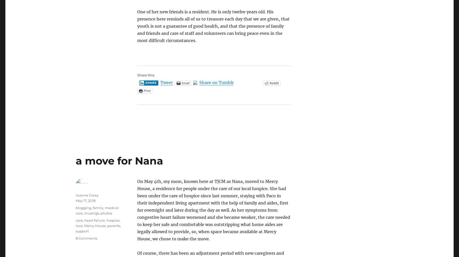 Image resolution: width=459 pixels, height=257 pixels. What do you see at coordinates (213, 210) in the screenshot?
I see `'On May 4th, my mom, known here at TJCM as Nana, moved to Mercy House, a residence for people under the care of our local hospice. She had been under the care of hospice since last summer, staying with Paco in their independent living apartment with the help of family and aides, first for overnight and later during the day as well. As her symptoms from congestive heart failure worsened and she became weaker, the care needed to keep her safe and comfortable was outstripping what home aides are legally allowed to provide, so, when space became available at Mercy House, we chose to make the move.'` at bounding box center [213, 210].